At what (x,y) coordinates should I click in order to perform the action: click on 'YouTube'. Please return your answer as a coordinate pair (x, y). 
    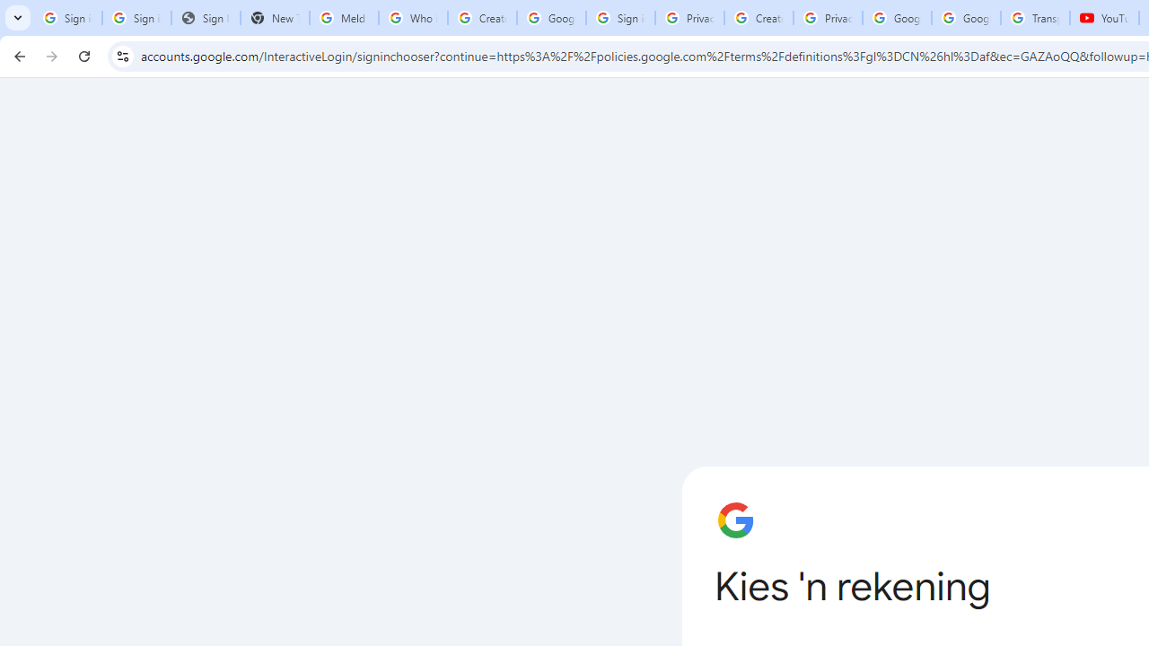
    Looking at the image, I should click on (1103, 18).